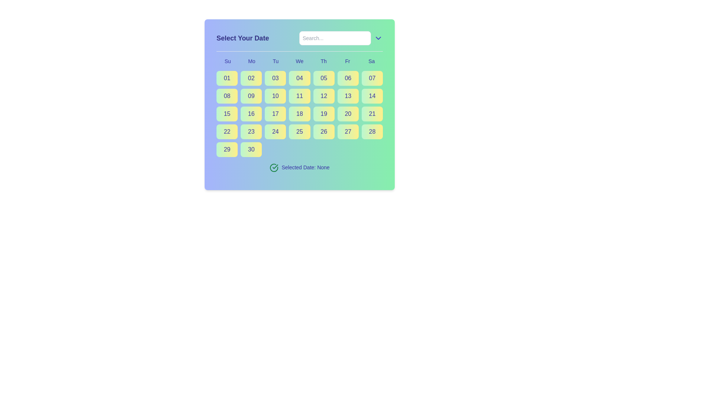  I want to click on the selectable day button representing the date '28' in the calendar interface, specifically located in the sixth position from the left in the last row, corresponding to the Saturday column, so click(372, 131).